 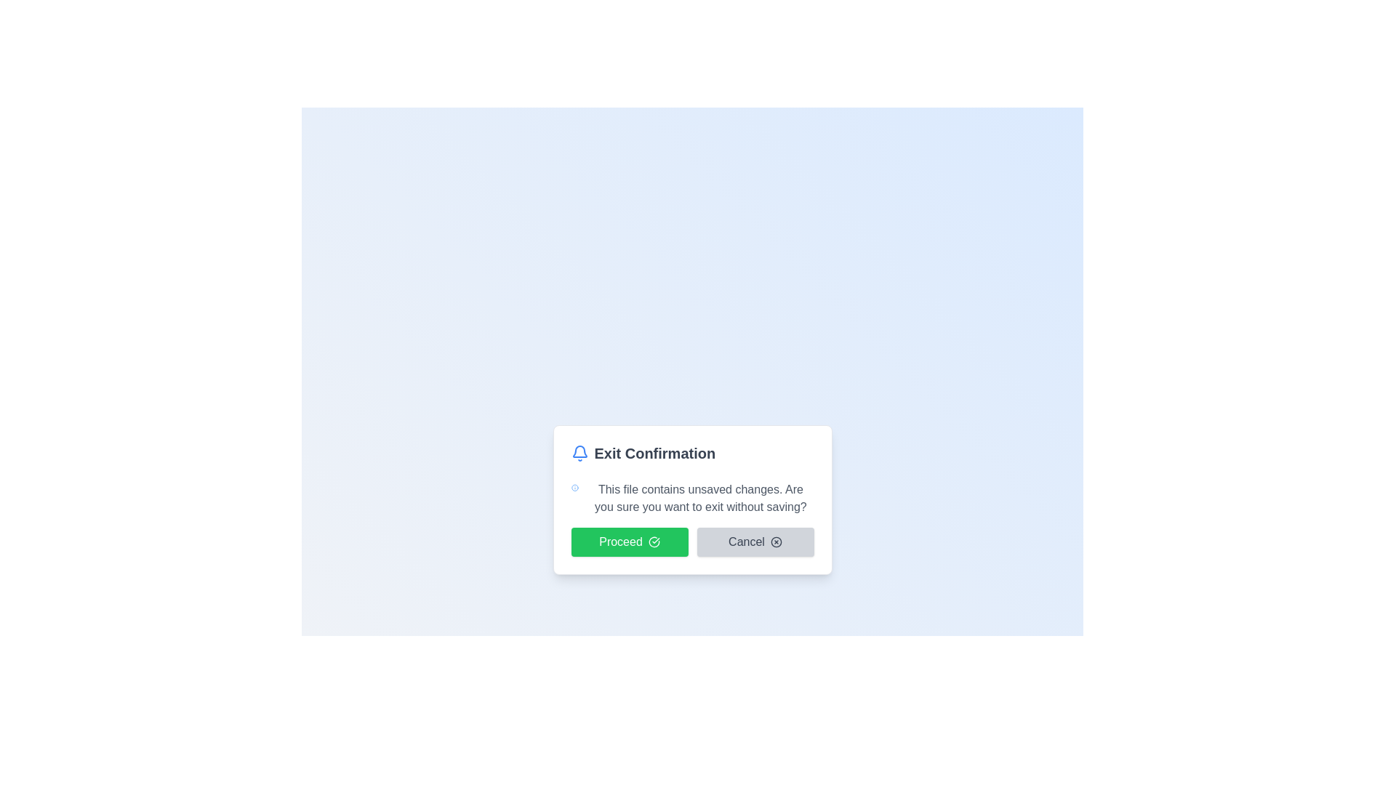 What do you see at coordinates (691, 498) in the screenshot?
I see `the informational text block displaying the message, 'This file contains unsaved changes. Are you sure you want to exit without saving?'` at bounding box center [691, 498].